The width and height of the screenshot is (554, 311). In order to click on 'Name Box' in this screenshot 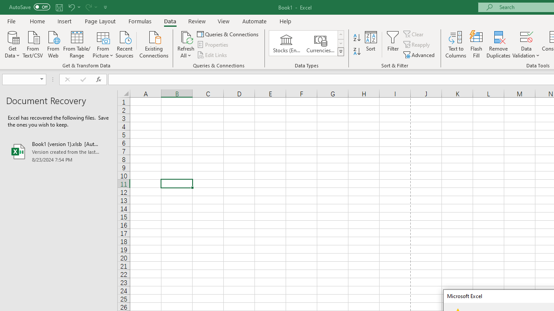, I will do `click(20, 79)`.